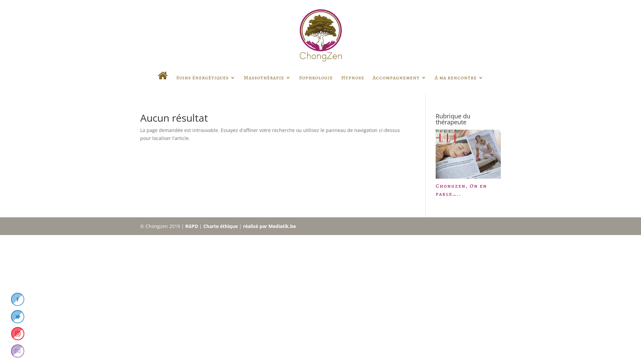  Describe the element at coordinates (399, 83) in the screenshot. I see `'Accompagnement'` at that location.